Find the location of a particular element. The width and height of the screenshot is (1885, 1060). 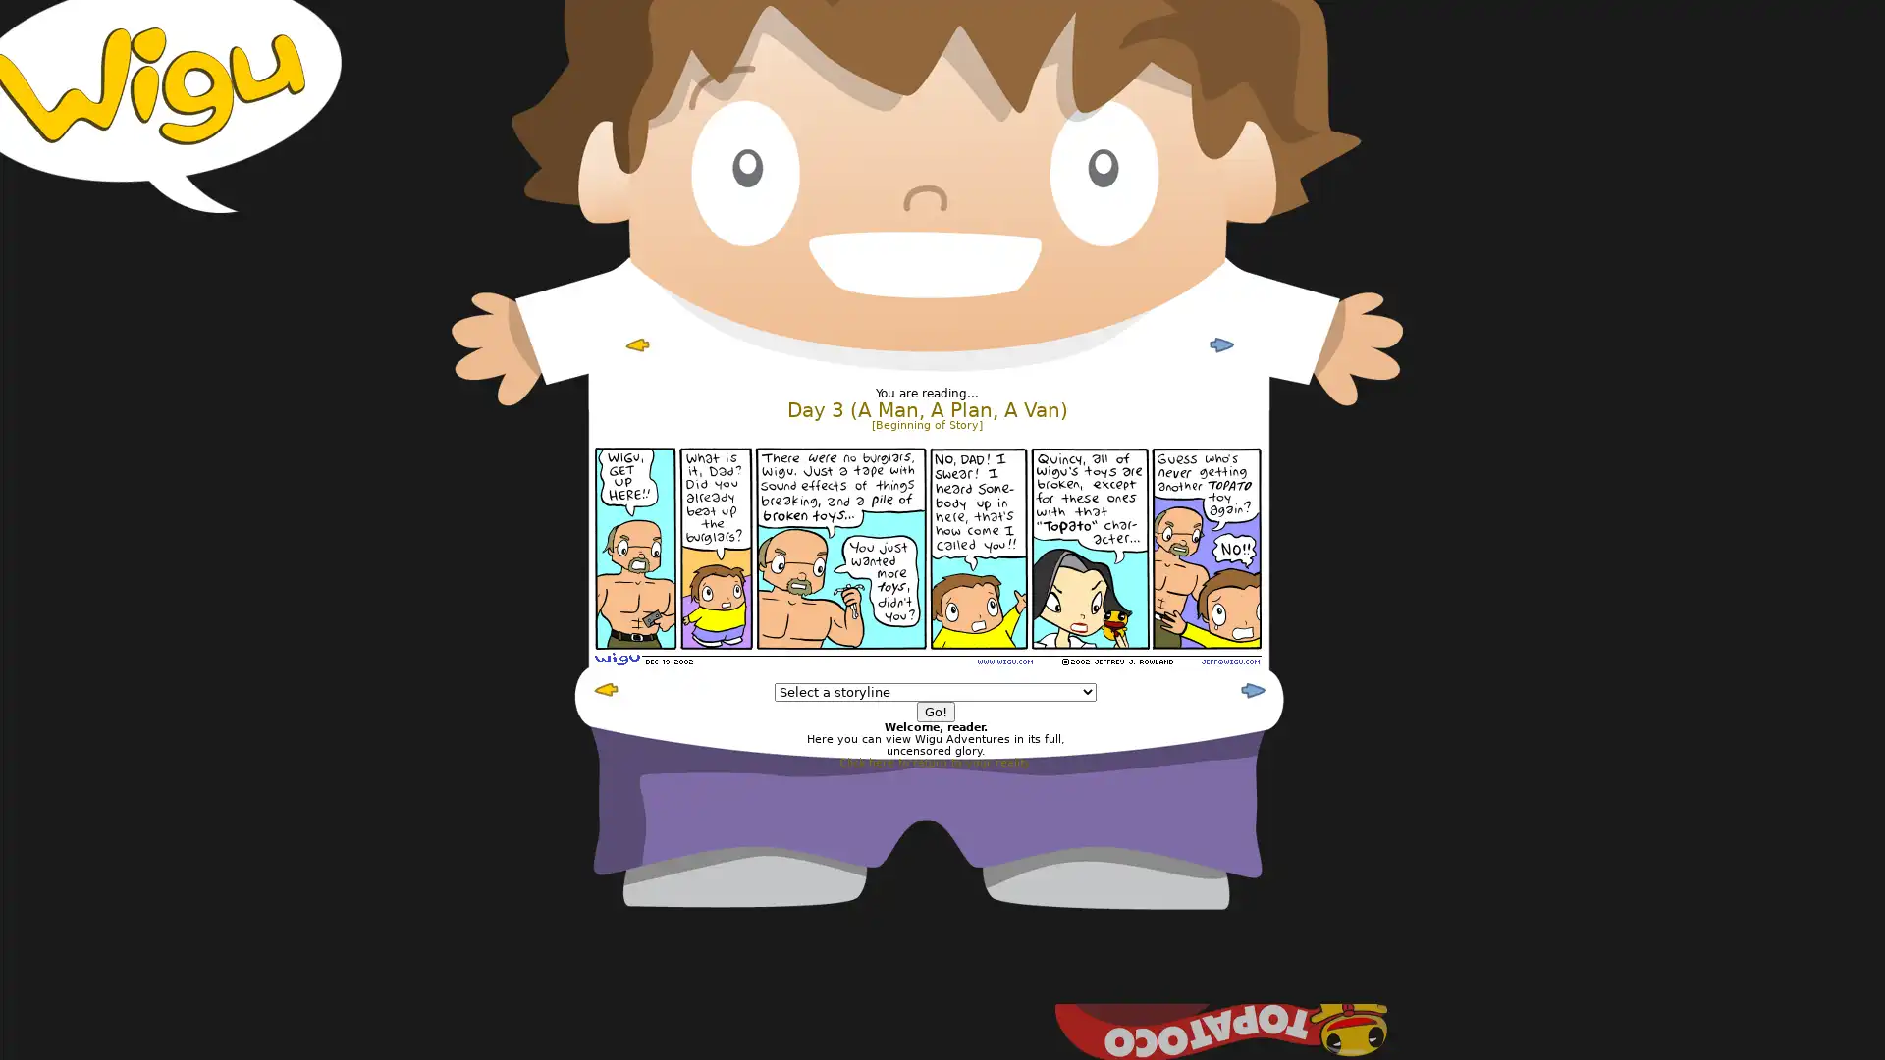

Go! is located at coordinates (934, 712).